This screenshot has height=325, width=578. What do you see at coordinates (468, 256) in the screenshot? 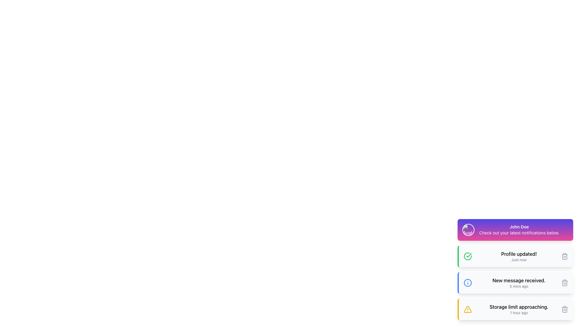
I see `the confirmation status icon located in the 'Profile updated!' notification box, positioned to the far left adjacent to the notification text` at bounding box center [468, 256].